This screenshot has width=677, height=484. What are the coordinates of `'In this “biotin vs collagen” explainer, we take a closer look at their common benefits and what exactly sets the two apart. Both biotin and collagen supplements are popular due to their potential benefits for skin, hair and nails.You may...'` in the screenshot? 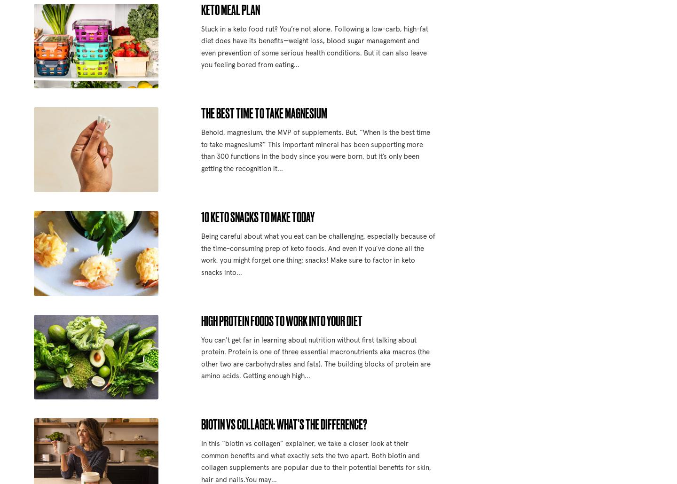 It's located at (200, 461).